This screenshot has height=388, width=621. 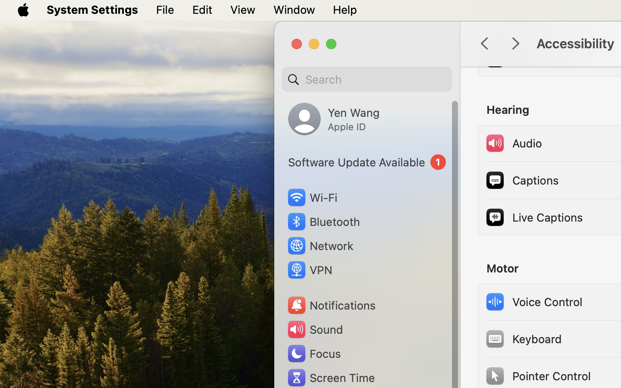 I want to click on 'Sound', so click(x=314, y=329).